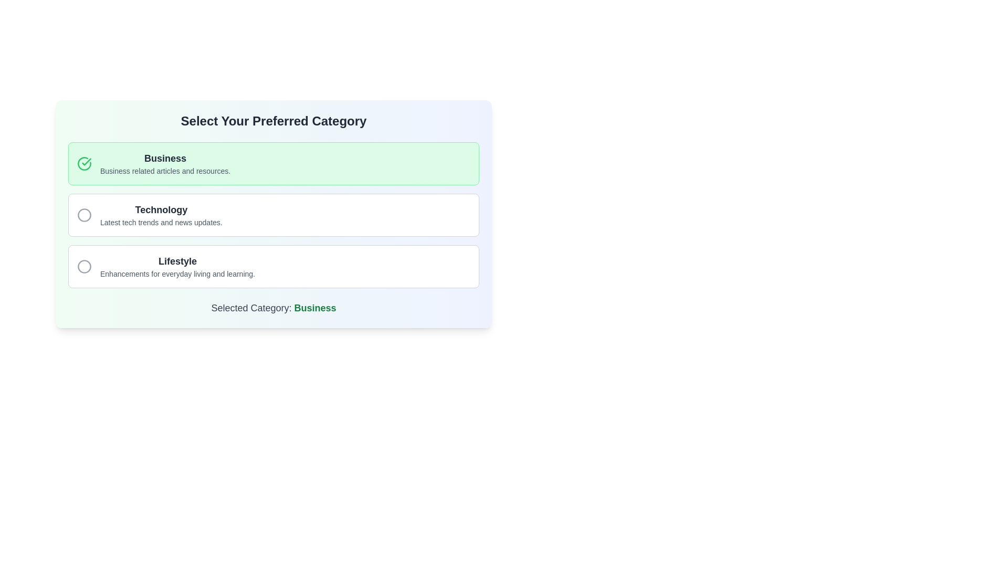  I want to click on the green circular icon with a checkmark, located to the immediate left of the 'Business' text block, for state indication, so click(85, 164).